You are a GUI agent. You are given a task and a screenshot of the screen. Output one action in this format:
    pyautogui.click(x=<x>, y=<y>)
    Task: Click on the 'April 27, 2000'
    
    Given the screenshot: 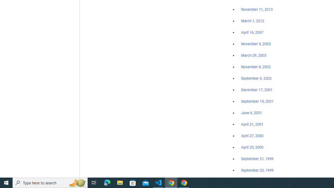 What is the action you would take?
    pyautogui.click(x=252, y=136)
    